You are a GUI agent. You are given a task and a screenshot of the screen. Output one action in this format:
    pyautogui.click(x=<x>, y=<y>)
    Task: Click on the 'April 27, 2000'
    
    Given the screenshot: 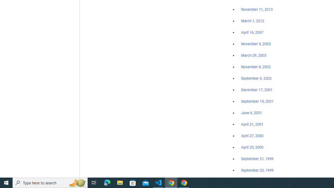 What is the action you would take?
    pyautogui.click(x=252, y=136)
    